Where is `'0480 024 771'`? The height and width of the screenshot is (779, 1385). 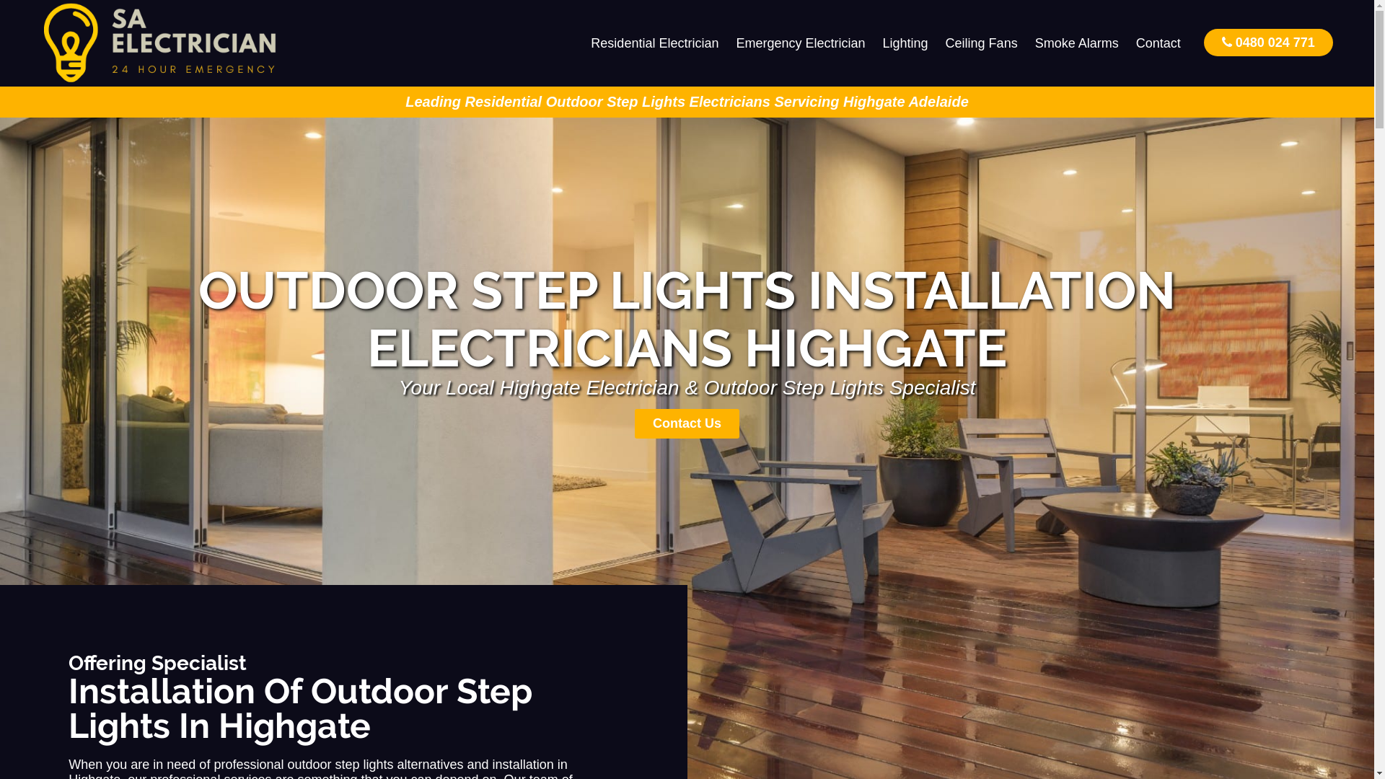 '0480 024 771' is located at coordinates (1204, 41).